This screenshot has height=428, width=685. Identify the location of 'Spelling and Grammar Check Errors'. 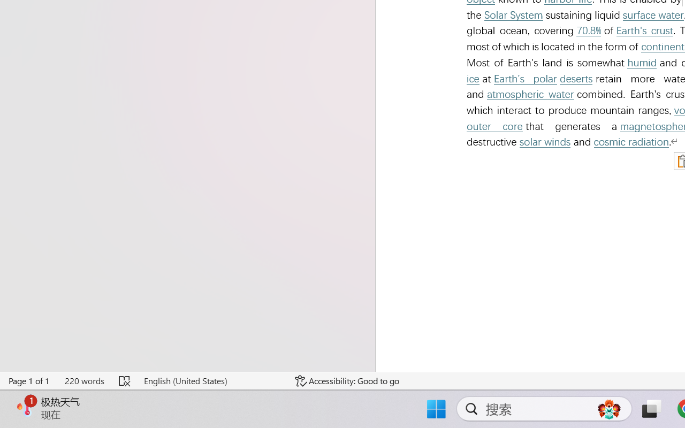
(125, 380).